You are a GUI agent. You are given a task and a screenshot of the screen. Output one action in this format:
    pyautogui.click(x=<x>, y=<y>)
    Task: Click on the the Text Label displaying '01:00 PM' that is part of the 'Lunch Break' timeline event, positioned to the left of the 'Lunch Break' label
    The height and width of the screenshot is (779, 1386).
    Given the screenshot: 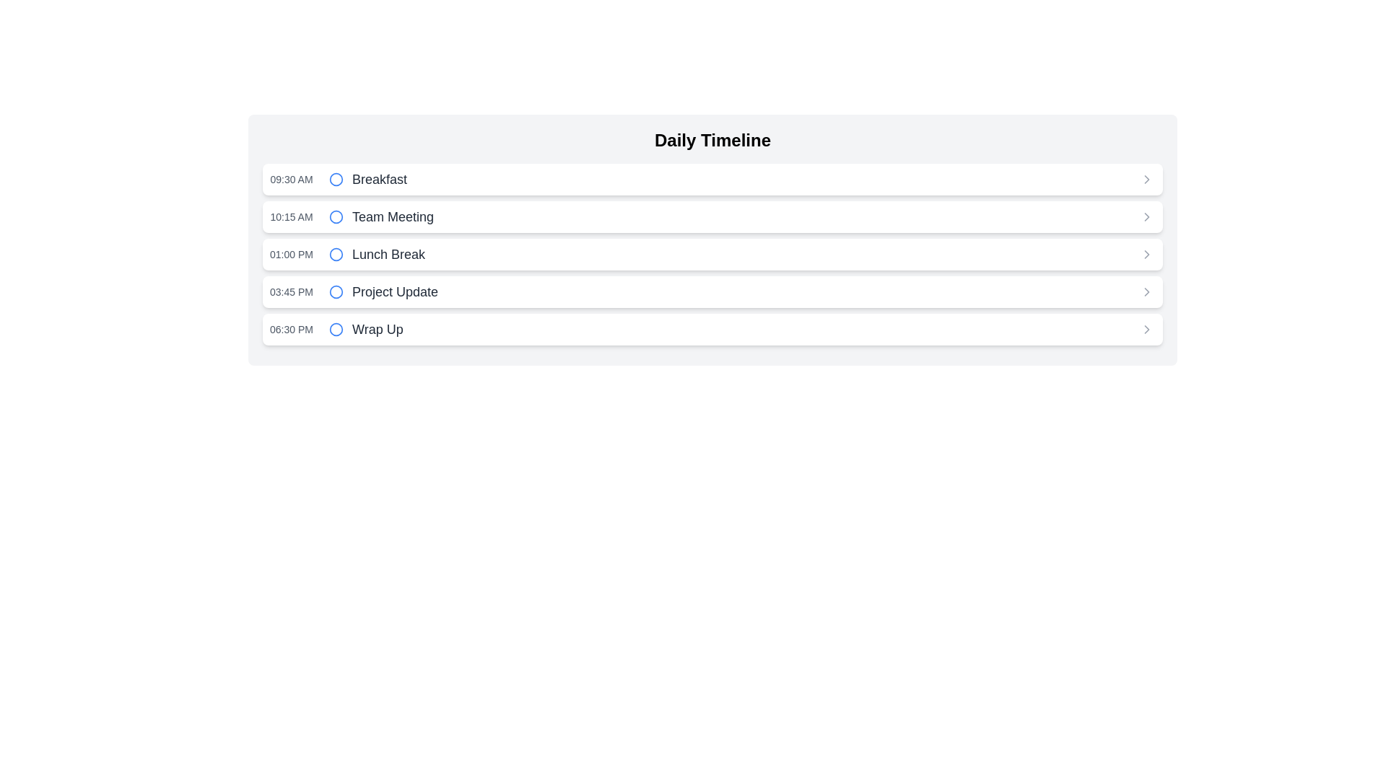 What is the action you would take?
    pyautogui.click(x=290, y=254)
    